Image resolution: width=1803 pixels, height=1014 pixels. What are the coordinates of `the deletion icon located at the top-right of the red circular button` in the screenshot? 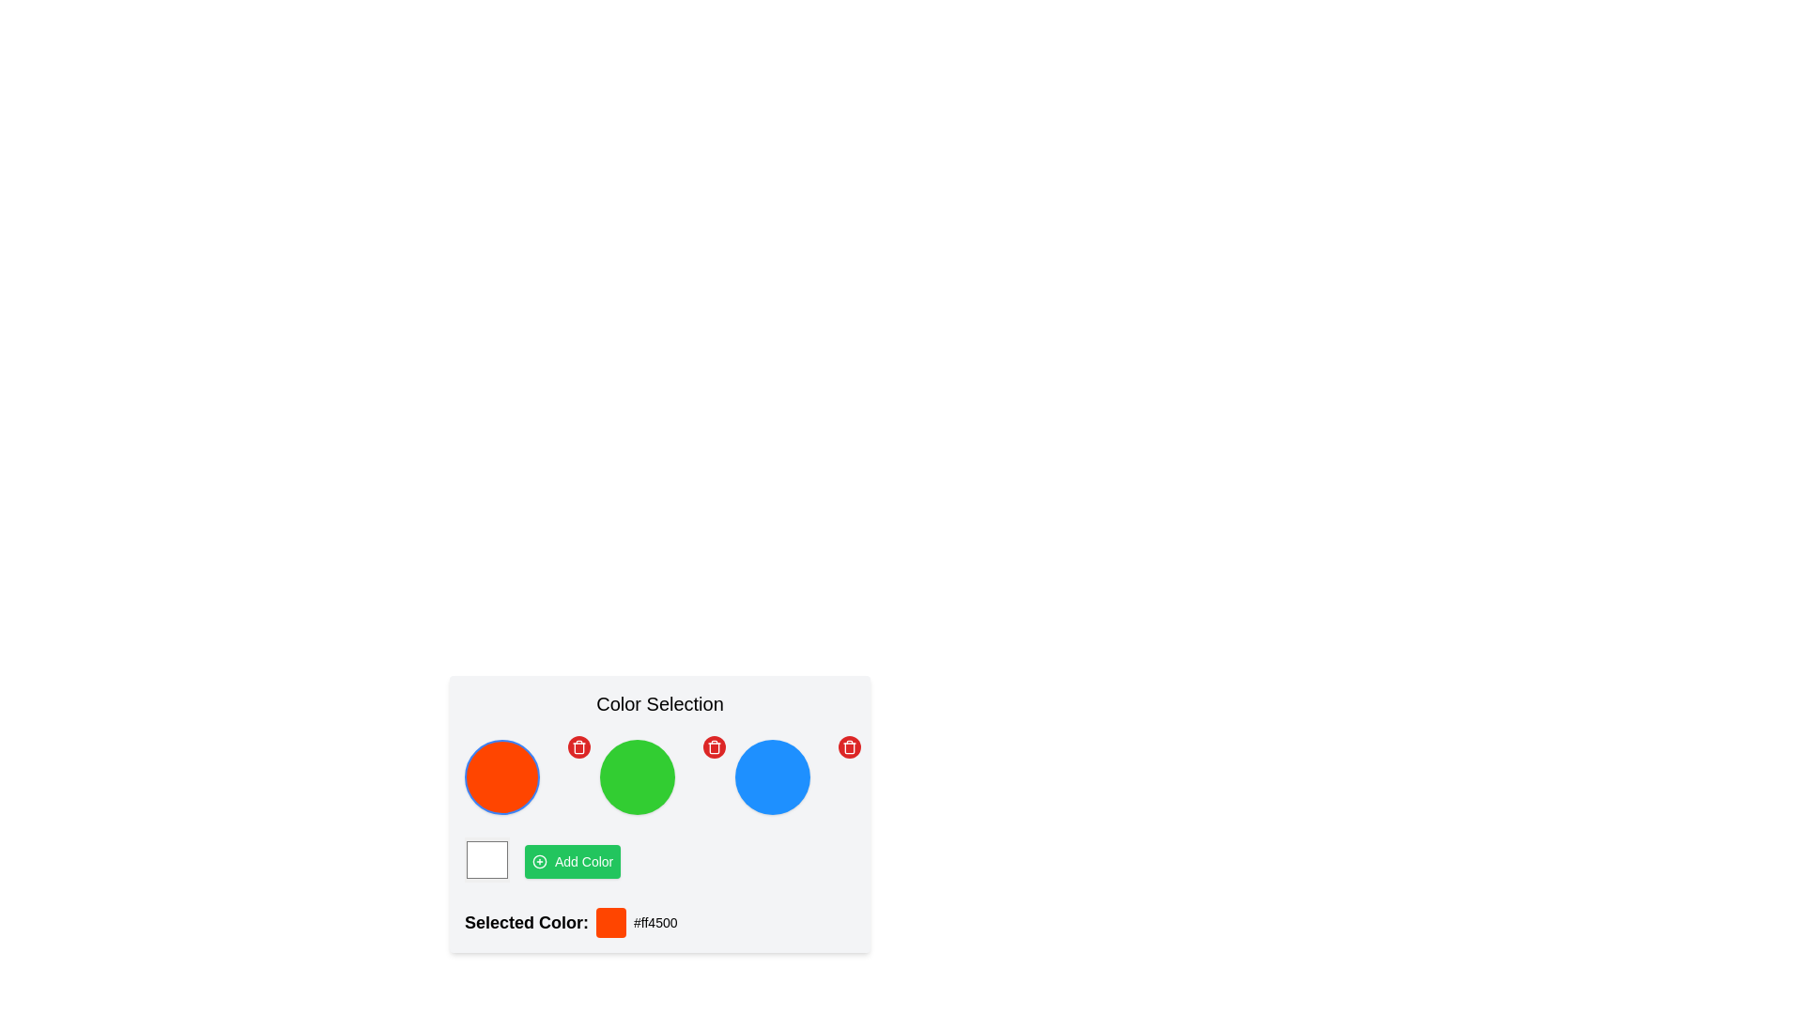 It's located at (849, 745).